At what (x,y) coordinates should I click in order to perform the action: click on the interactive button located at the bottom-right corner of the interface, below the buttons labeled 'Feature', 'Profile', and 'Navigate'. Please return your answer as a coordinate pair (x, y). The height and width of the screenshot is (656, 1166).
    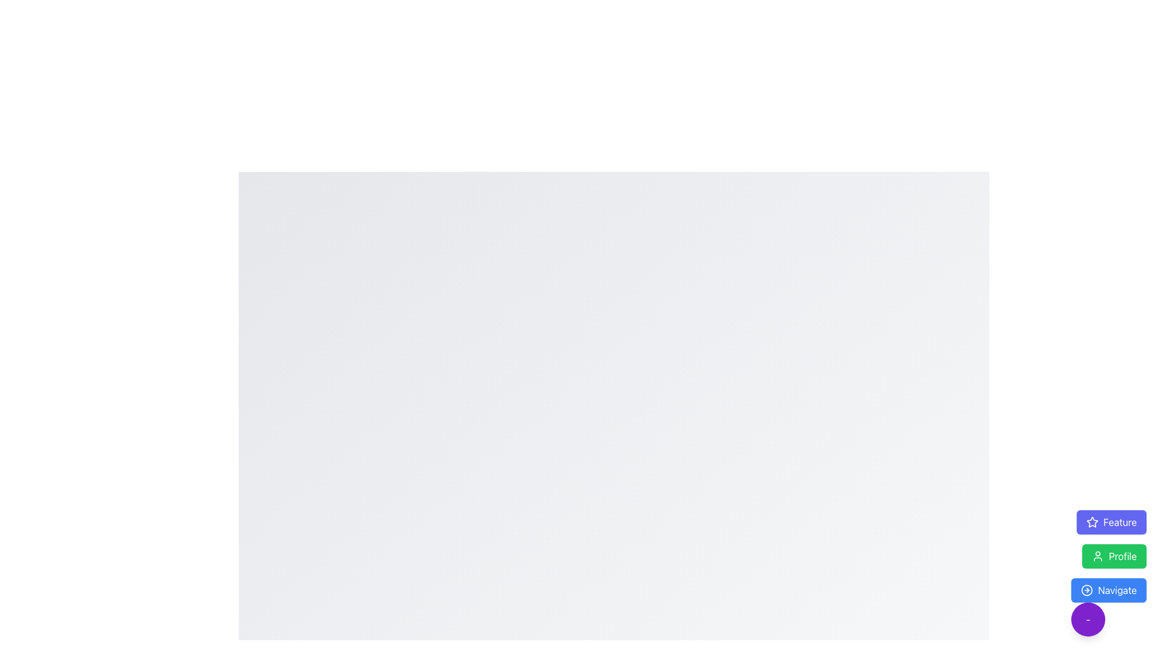
    Looking at the image, I should click on (1088, 619).